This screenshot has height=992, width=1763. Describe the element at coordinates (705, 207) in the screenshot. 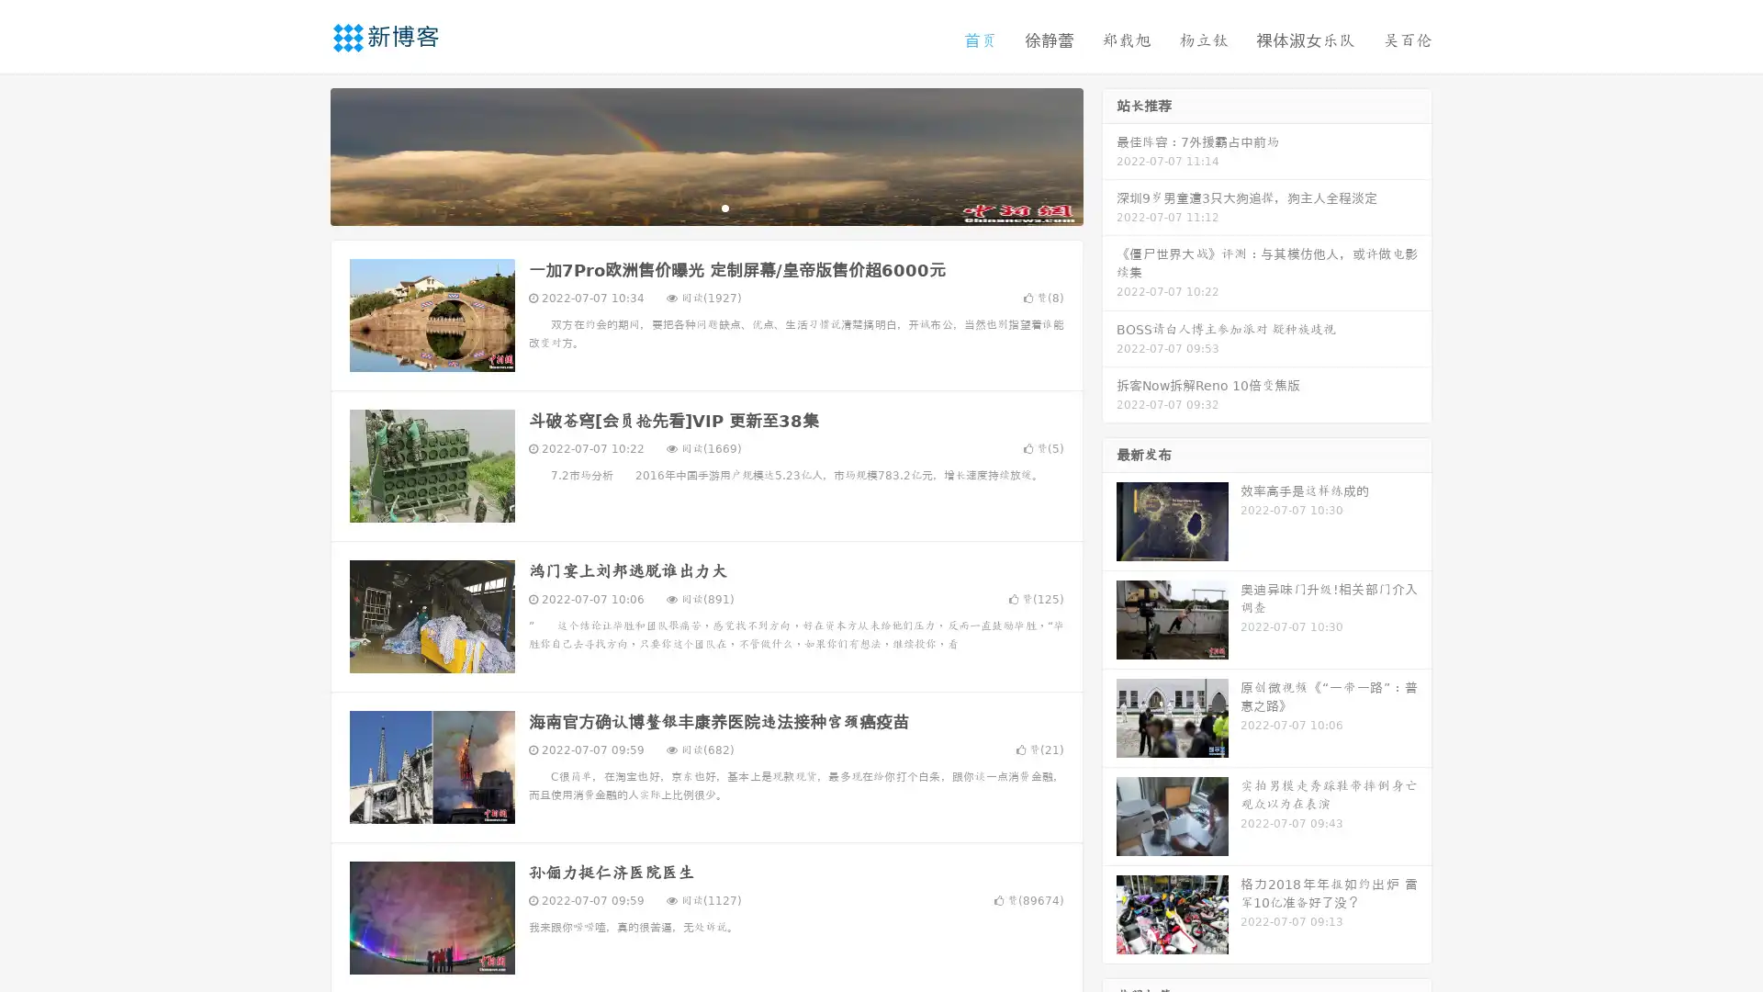

I see `Go to slide 2` at that location.